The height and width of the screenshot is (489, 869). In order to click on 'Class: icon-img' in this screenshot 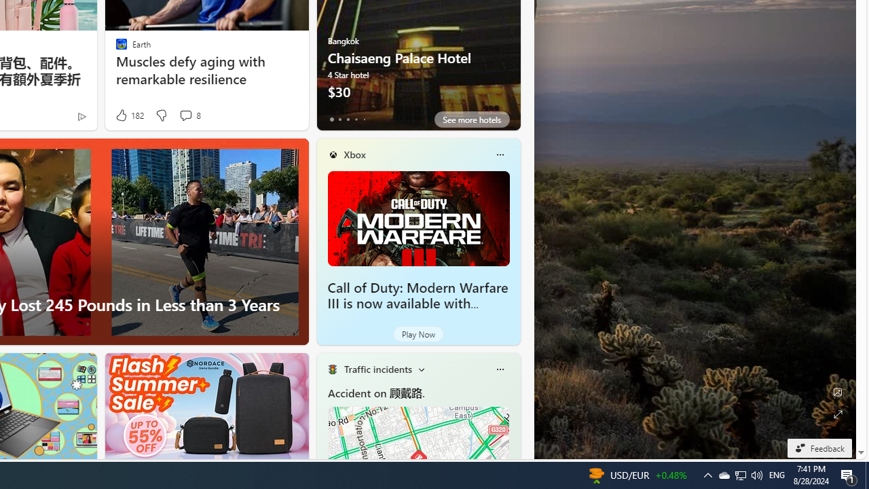, I will do `click(499, 369)`.